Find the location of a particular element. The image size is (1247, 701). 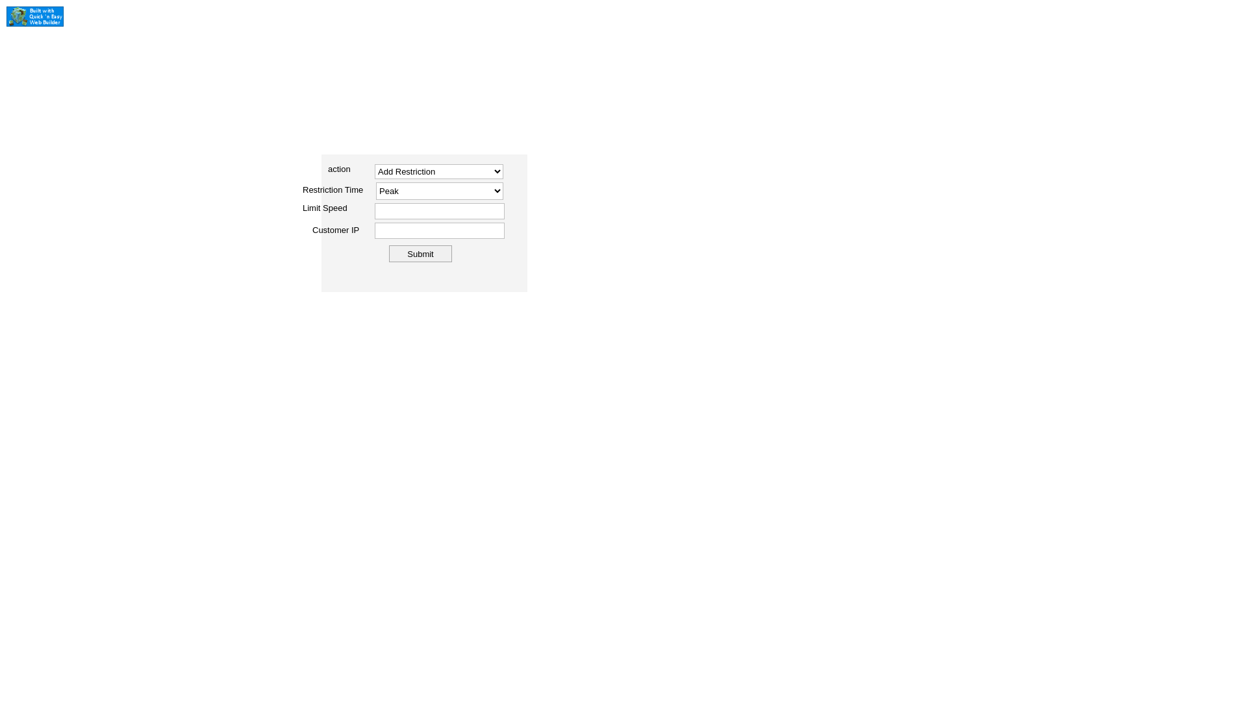

'Submit' is located at coordinates (420, 253).